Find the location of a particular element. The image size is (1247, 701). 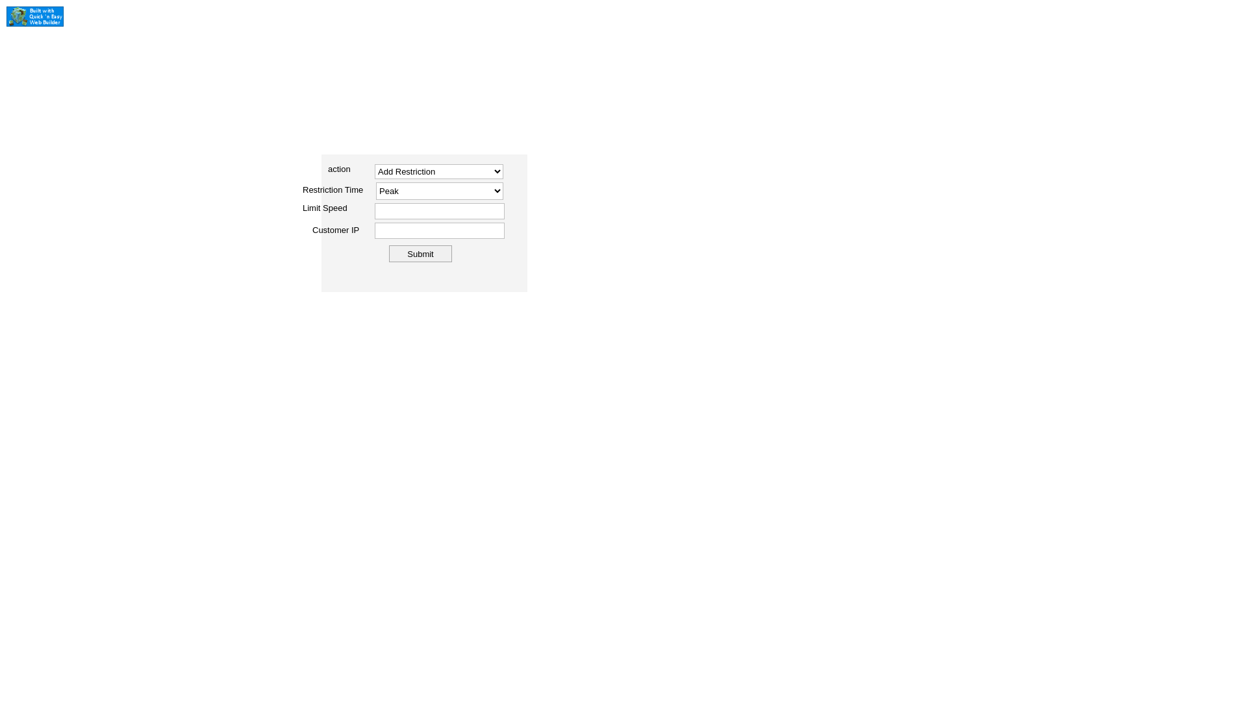

'Submit' is located at coordinates (420, 253).